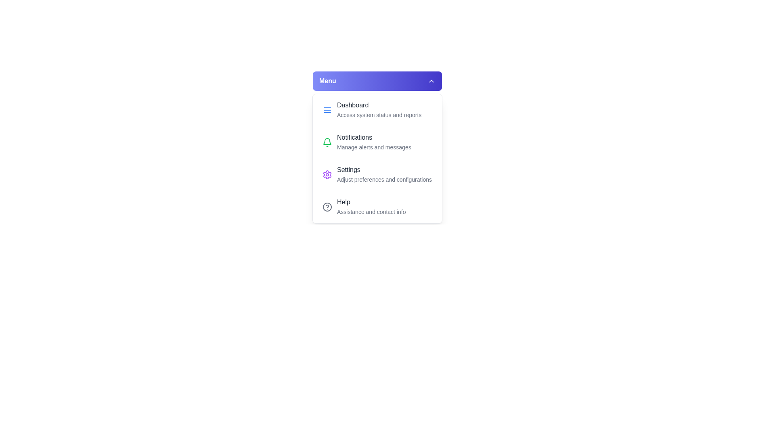 The width and height of the screenshot is (775, 436). Describe the element at coordinates (327, 207) in the screenshot. I see `the circular vector graphic representing the 'Help' menu item in the bottom row of the vertical menu` at that location.